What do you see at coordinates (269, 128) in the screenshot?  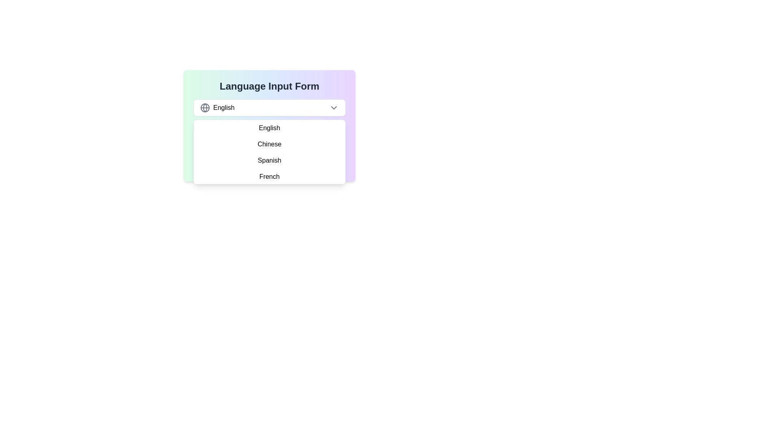 I see `the 'English' list item in the dropdown menu` at bounding box center [269, 128].